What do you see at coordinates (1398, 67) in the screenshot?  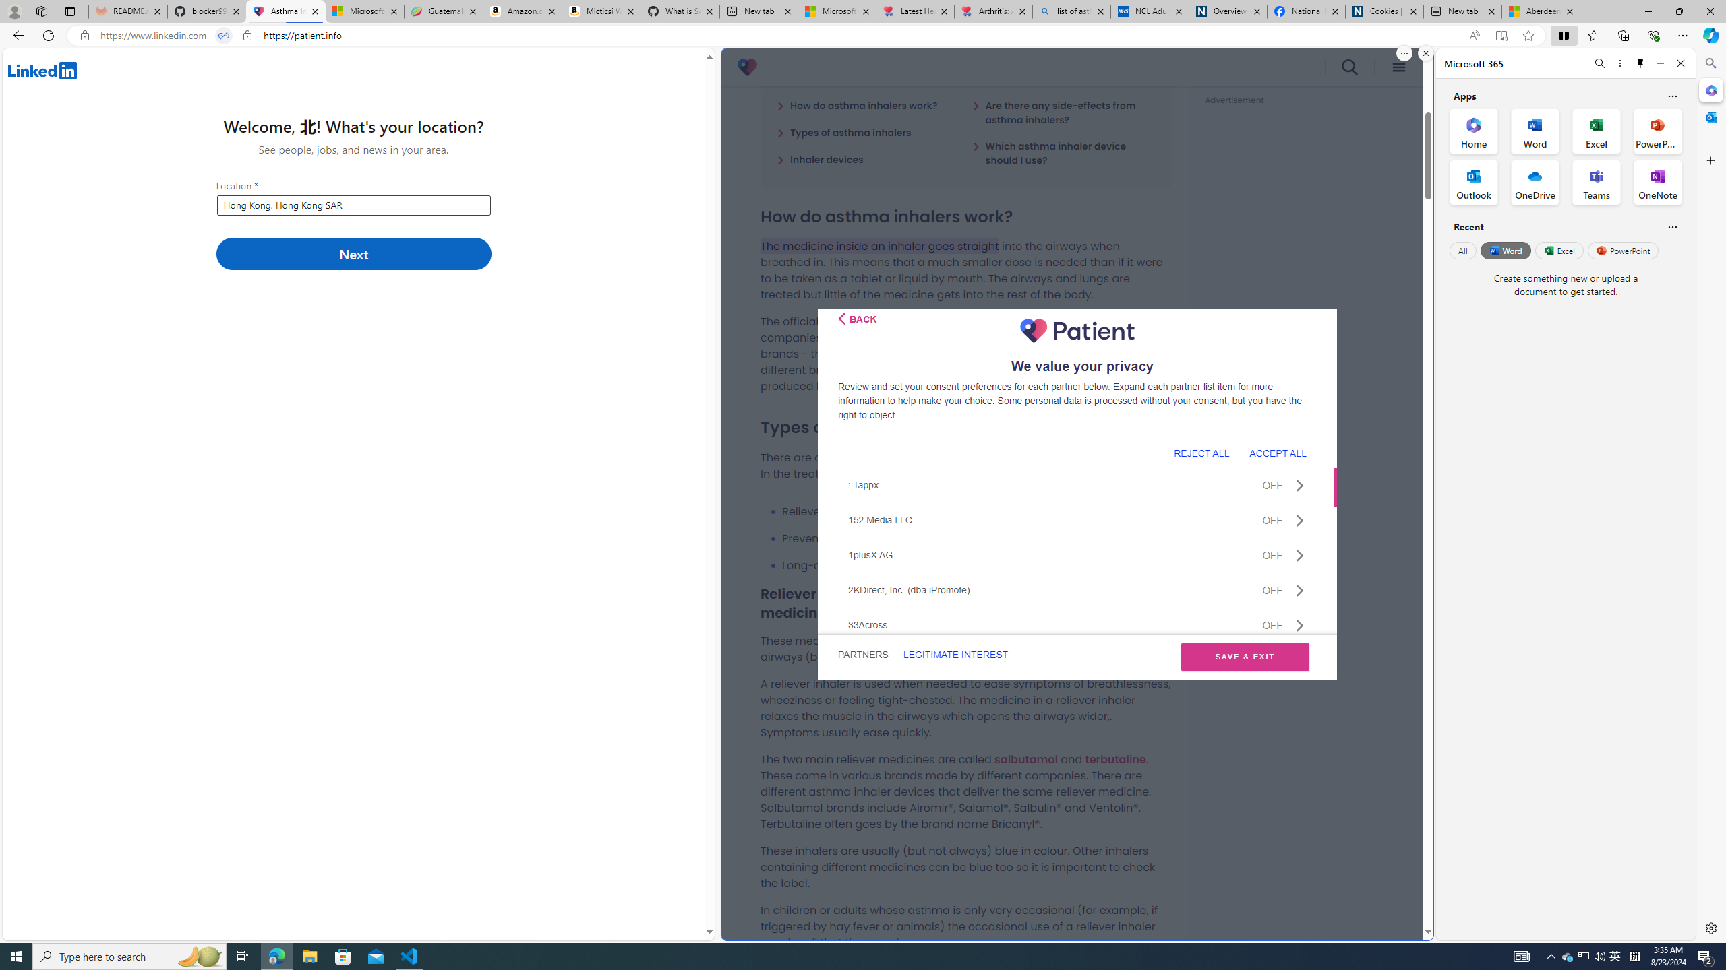 I see `'menu icon'` at bounding box center [1398, 67].